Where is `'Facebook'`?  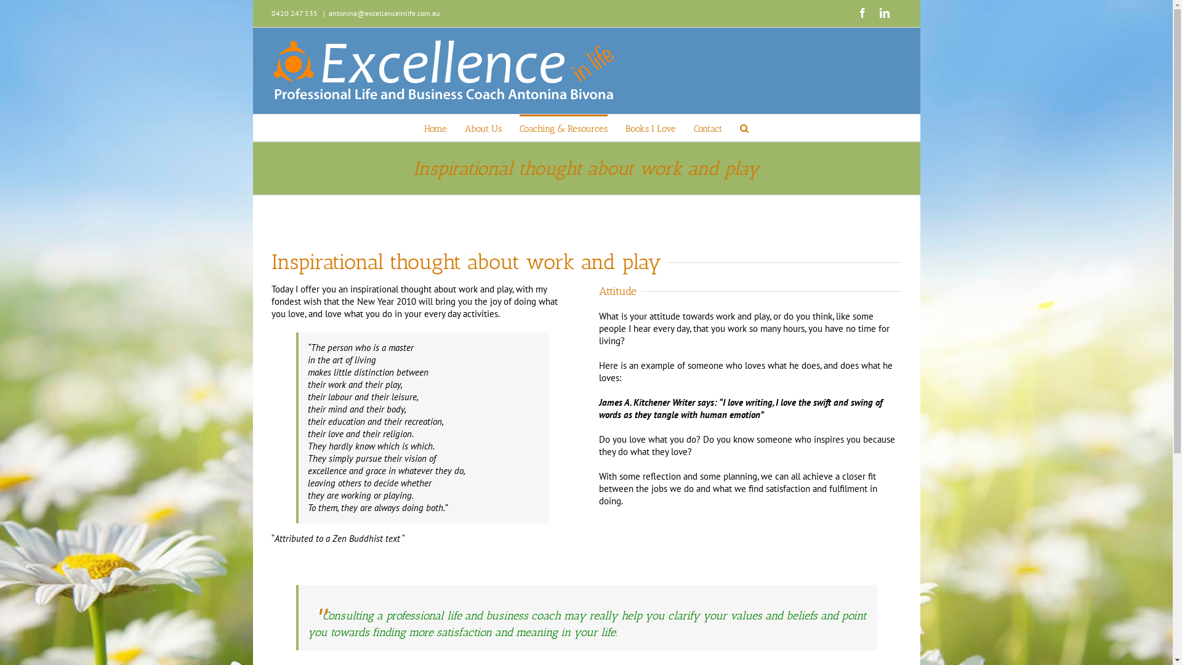 'Facebook' is located at coordinates (861, 12).